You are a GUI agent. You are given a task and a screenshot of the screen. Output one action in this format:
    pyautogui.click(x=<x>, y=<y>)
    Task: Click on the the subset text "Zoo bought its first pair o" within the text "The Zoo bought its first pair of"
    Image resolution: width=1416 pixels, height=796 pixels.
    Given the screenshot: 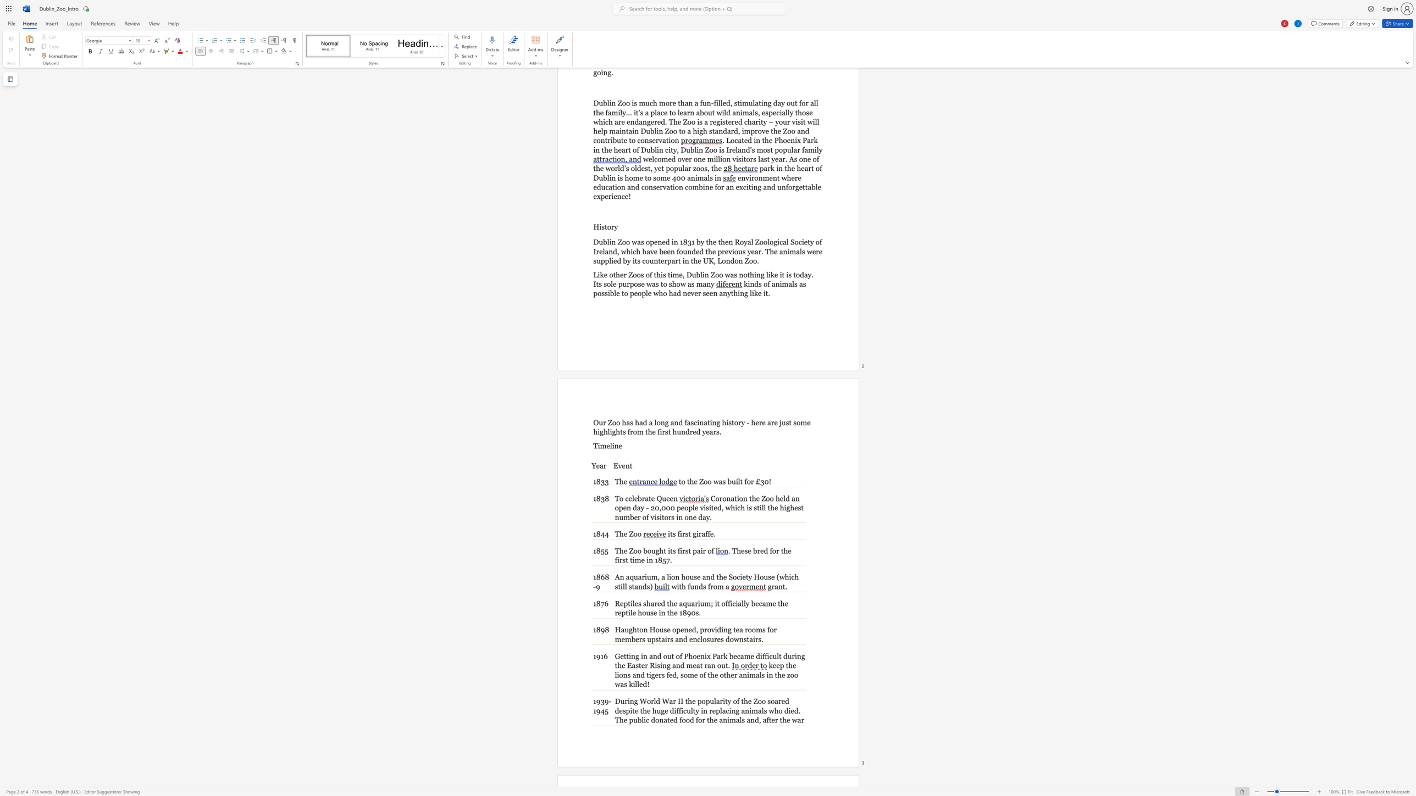 What is the action you would take?
    pyautogui.click(x=629, y=550)
    